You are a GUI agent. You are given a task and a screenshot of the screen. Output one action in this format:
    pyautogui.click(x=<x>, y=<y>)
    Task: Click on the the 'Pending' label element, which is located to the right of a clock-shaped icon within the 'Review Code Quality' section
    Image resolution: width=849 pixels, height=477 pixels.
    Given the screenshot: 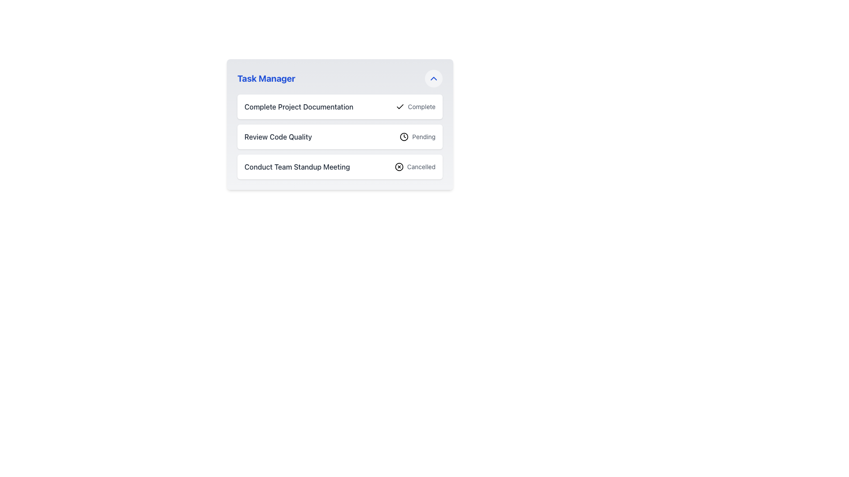 What is the action you would take?
    pyautogui.click(x=417, y=136)
    